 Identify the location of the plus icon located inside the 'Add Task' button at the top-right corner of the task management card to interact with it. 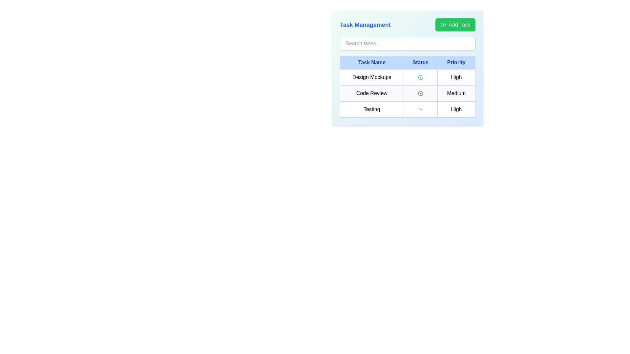
(443, 25).